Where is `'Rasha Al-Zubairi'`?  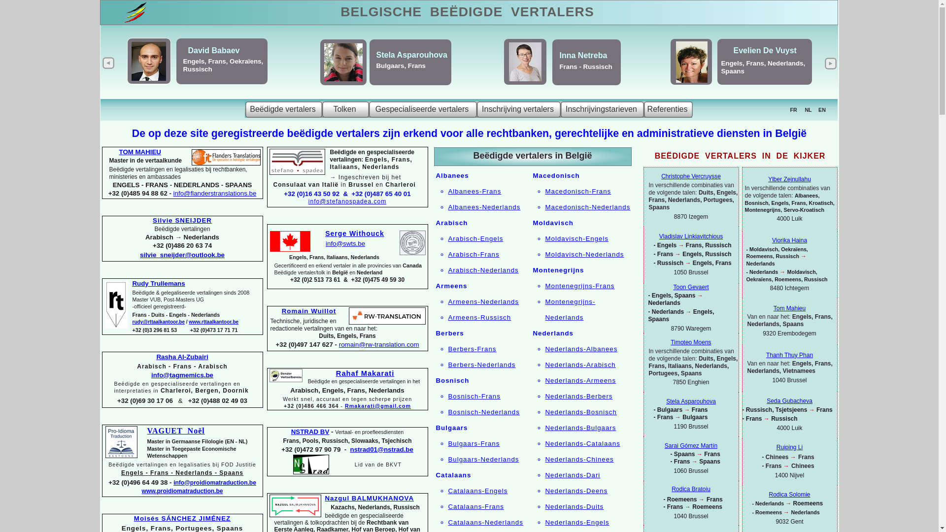 'Rasha Al-Zubairi' is located at coordinates (155, 357).